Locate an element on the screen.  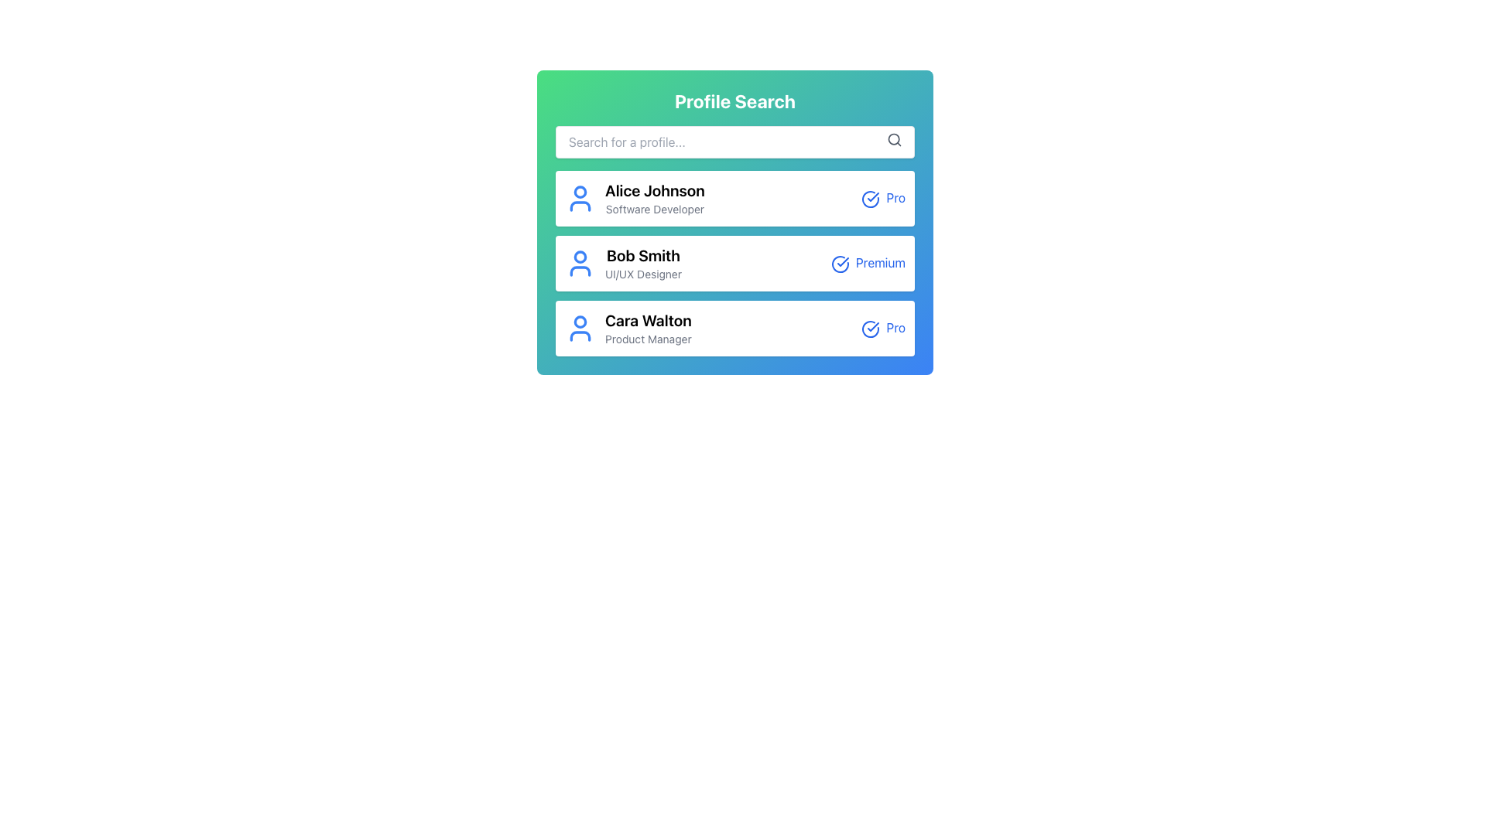
the text display element that shows 'Bob Smith' and 'UI/UX Designer' in a profile card, located in the middle position among three similar cards is located at coordinates (643, 262).